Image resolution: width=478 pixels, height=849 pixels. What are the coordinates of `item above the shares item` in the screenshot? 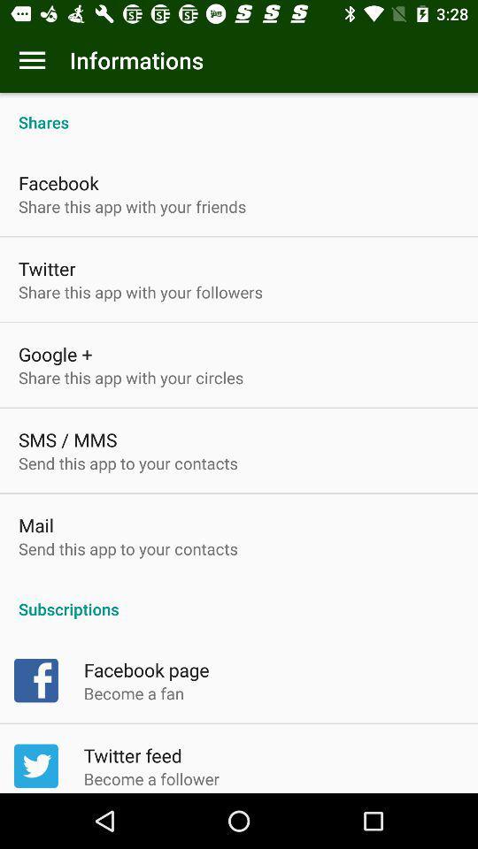 It's located at (32, 60).